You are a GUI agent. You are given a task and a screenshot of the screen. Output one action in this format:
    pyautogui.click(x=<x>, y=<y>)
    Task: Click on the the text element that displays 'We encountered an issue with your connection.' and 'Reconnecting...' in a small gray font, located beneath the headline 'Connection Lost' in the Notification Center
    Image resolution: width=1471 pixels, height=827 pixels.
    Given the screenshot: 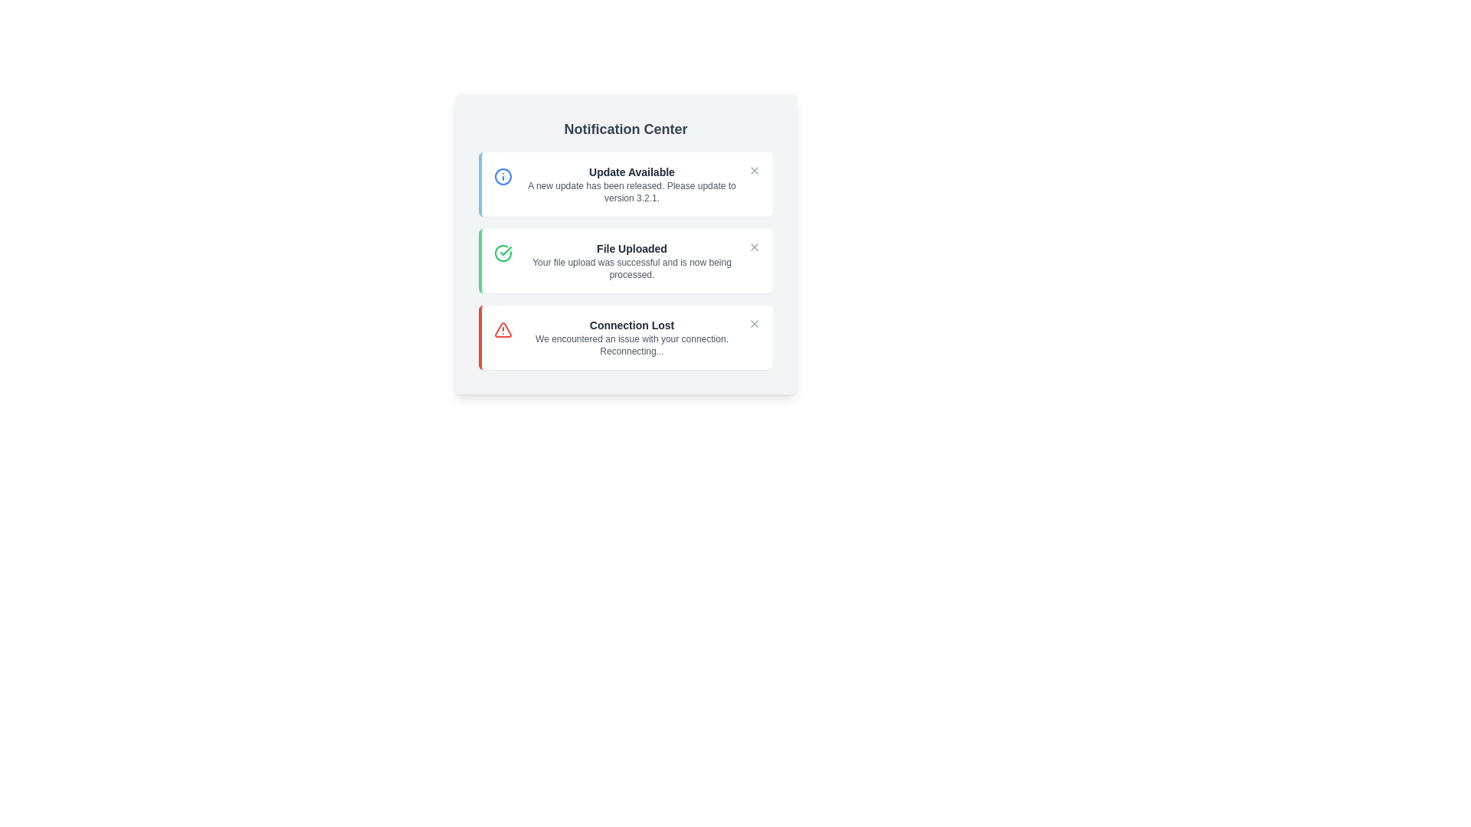 What is the action you would take?
    pyautogui.click(x=632, y=345)
    